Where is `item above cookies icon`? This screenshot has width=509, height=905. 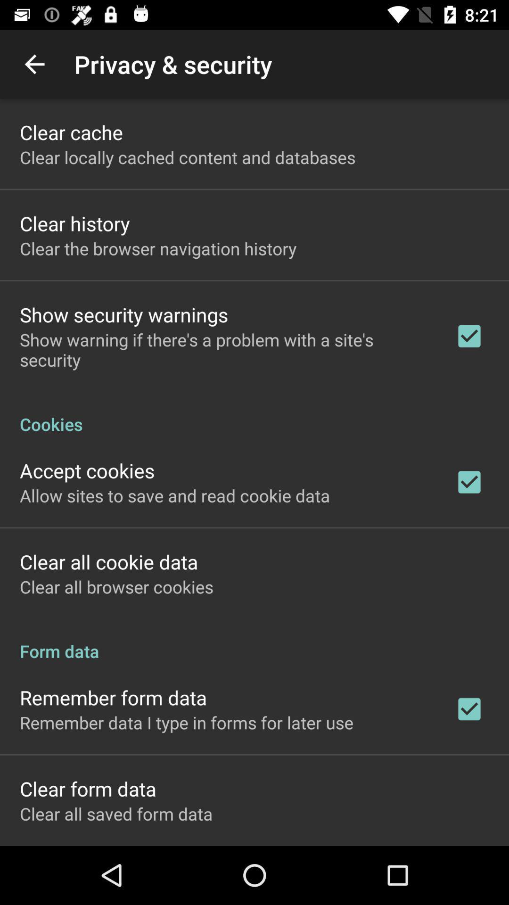
item above cookies icon is located at coordinates (225, 349).